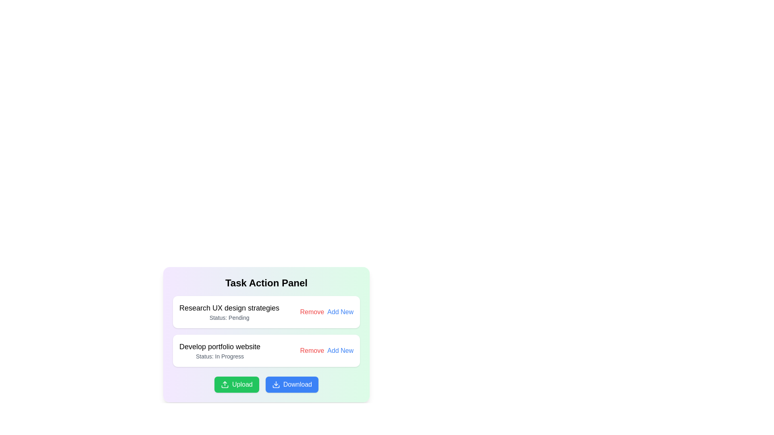  What do you see at coordinates (225, 384) in the screenshot?
I see `the upload icon located to the left of the 'Upload' text within the green button at the bottom-left section of the 'Task Action Panel'` at bounding box center [225, 384].